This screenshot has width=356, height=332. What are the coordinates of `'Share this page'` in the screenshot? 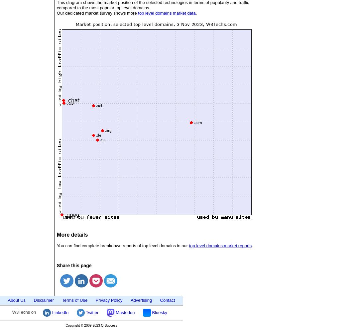 It's located at (73, 266).